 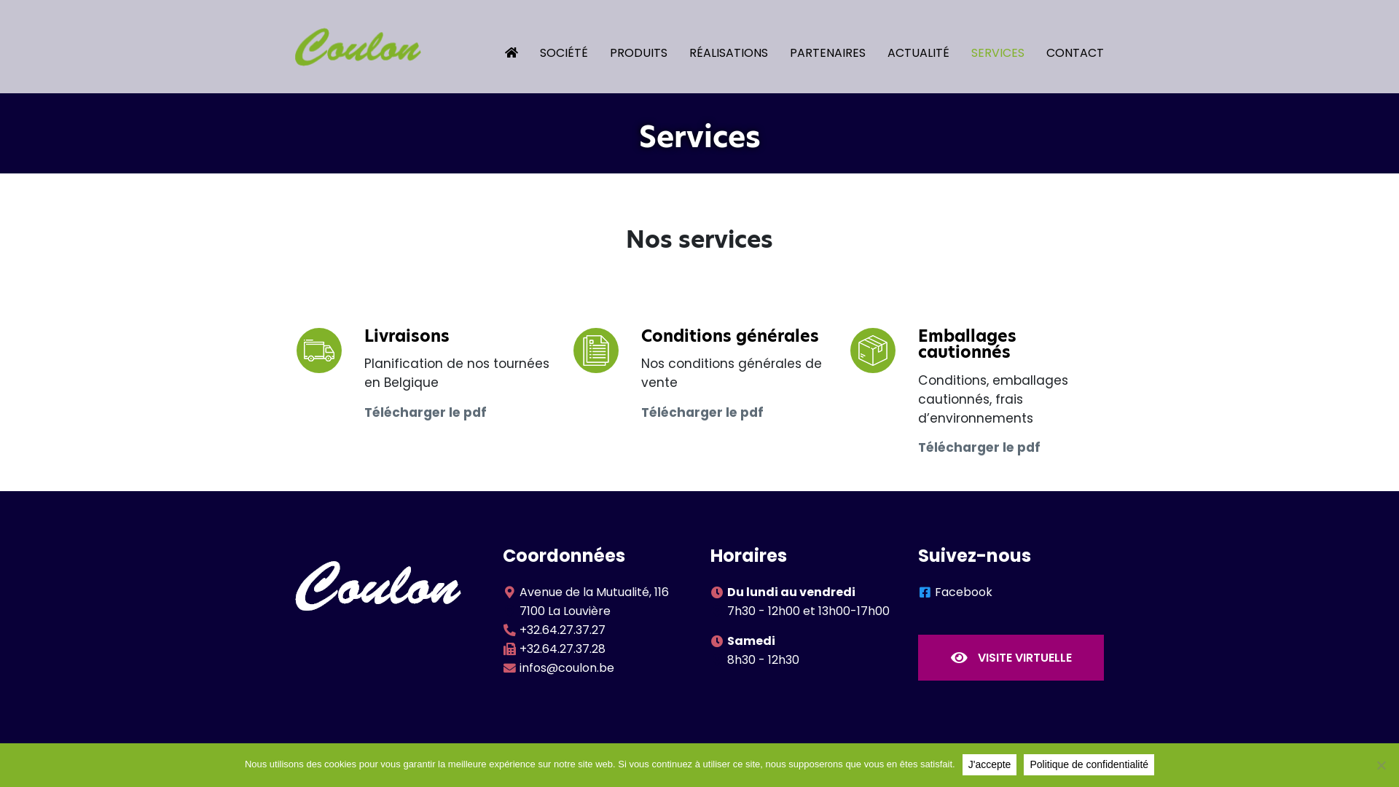 I want to click on 'No', so click(x=1380, y=764).